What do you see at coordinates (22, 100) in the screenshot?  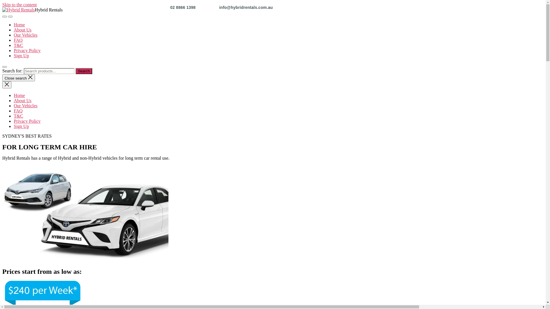 I see `'About Us'` at bounding box center [22, 100].